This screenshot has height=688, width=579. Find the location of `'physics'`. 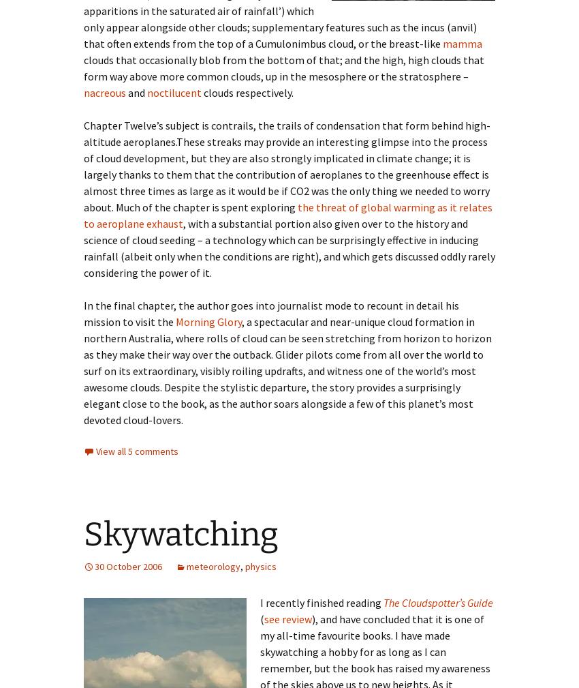

'physics' is located at coordinates (260, 566).